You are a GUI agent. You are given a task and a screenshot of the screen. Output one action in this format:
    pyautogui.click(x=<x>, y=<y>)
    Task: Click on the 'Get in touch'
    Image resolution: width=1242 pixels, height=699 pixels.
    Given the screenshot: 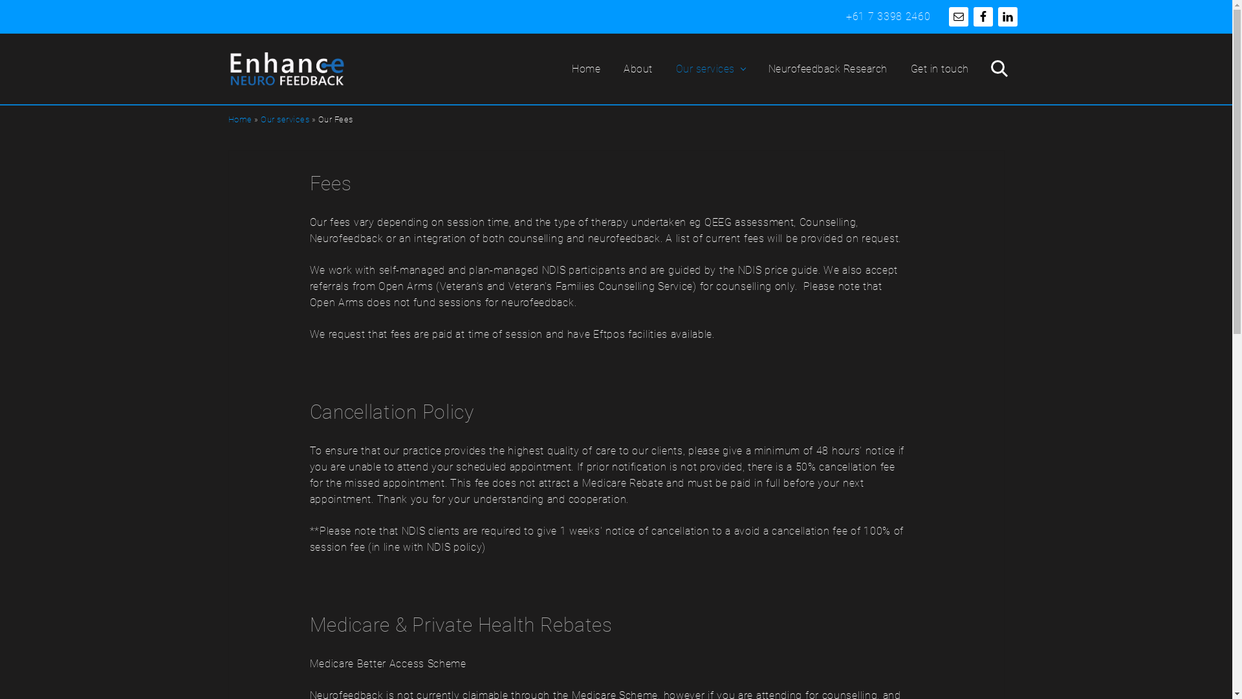 What is the action you would take?
    pyautogui.click(x=940, y=69)
    